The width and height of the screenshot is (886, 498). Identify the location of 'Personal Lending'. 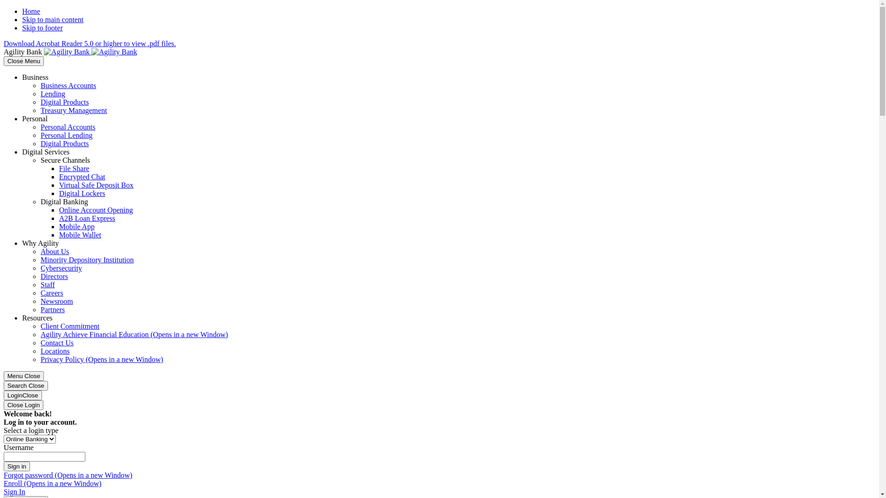
(66, 135).